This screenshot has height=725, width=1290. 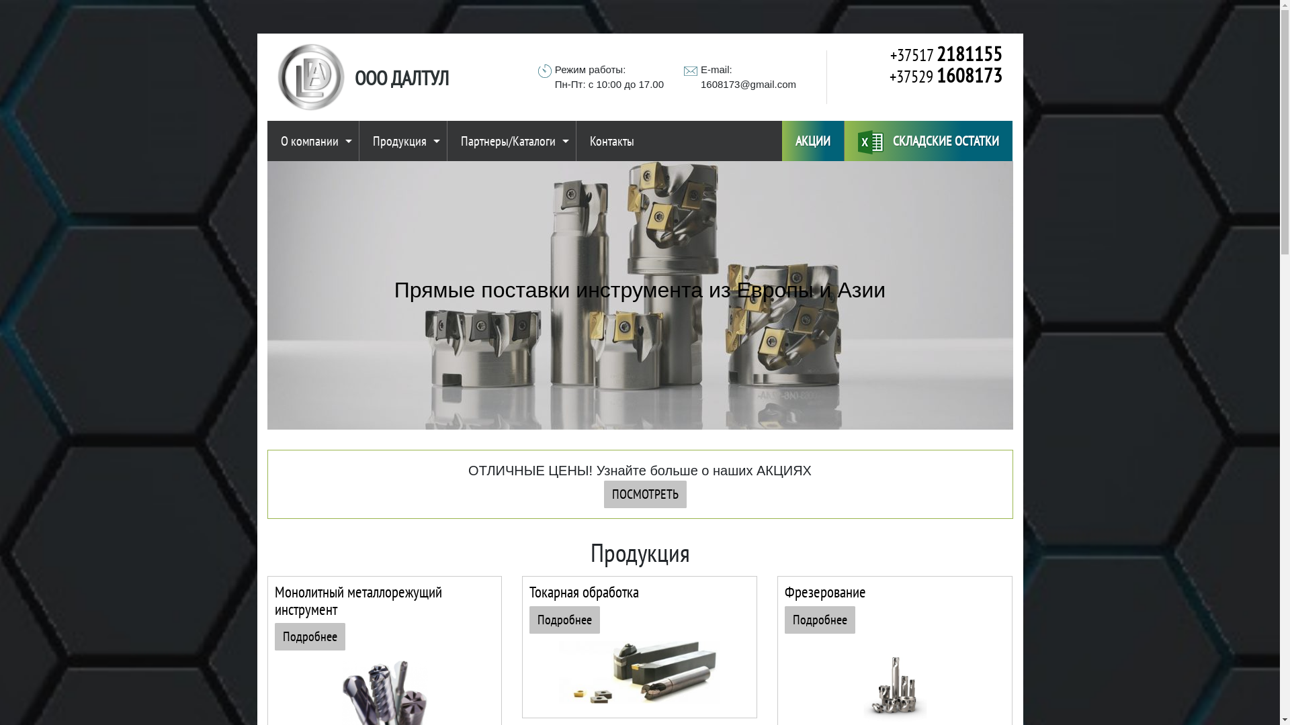 What do you see at coordinates (918, 54) in the screenshot?
I see `'+37517 2181155'` at bounding box center [918, 54].